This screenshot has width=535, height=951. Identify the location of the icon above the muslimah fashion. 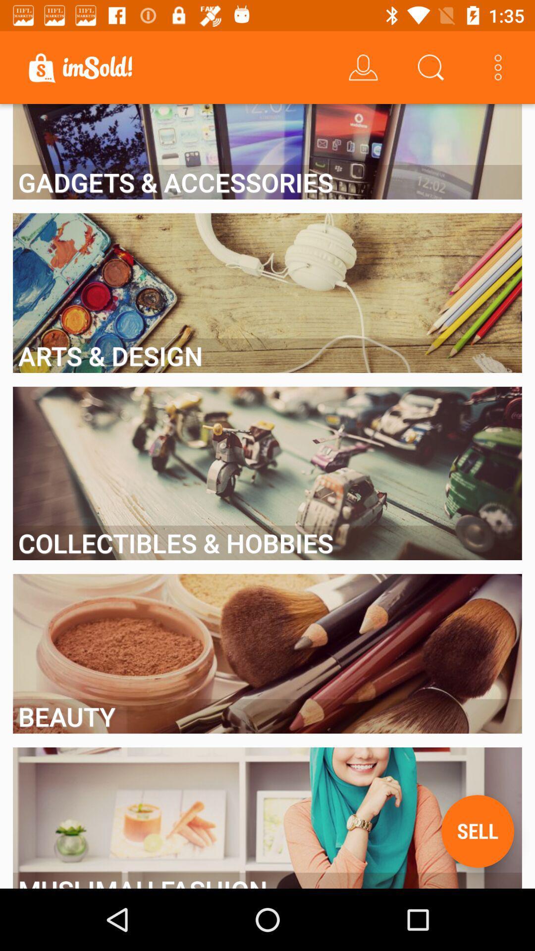
(477, 831).